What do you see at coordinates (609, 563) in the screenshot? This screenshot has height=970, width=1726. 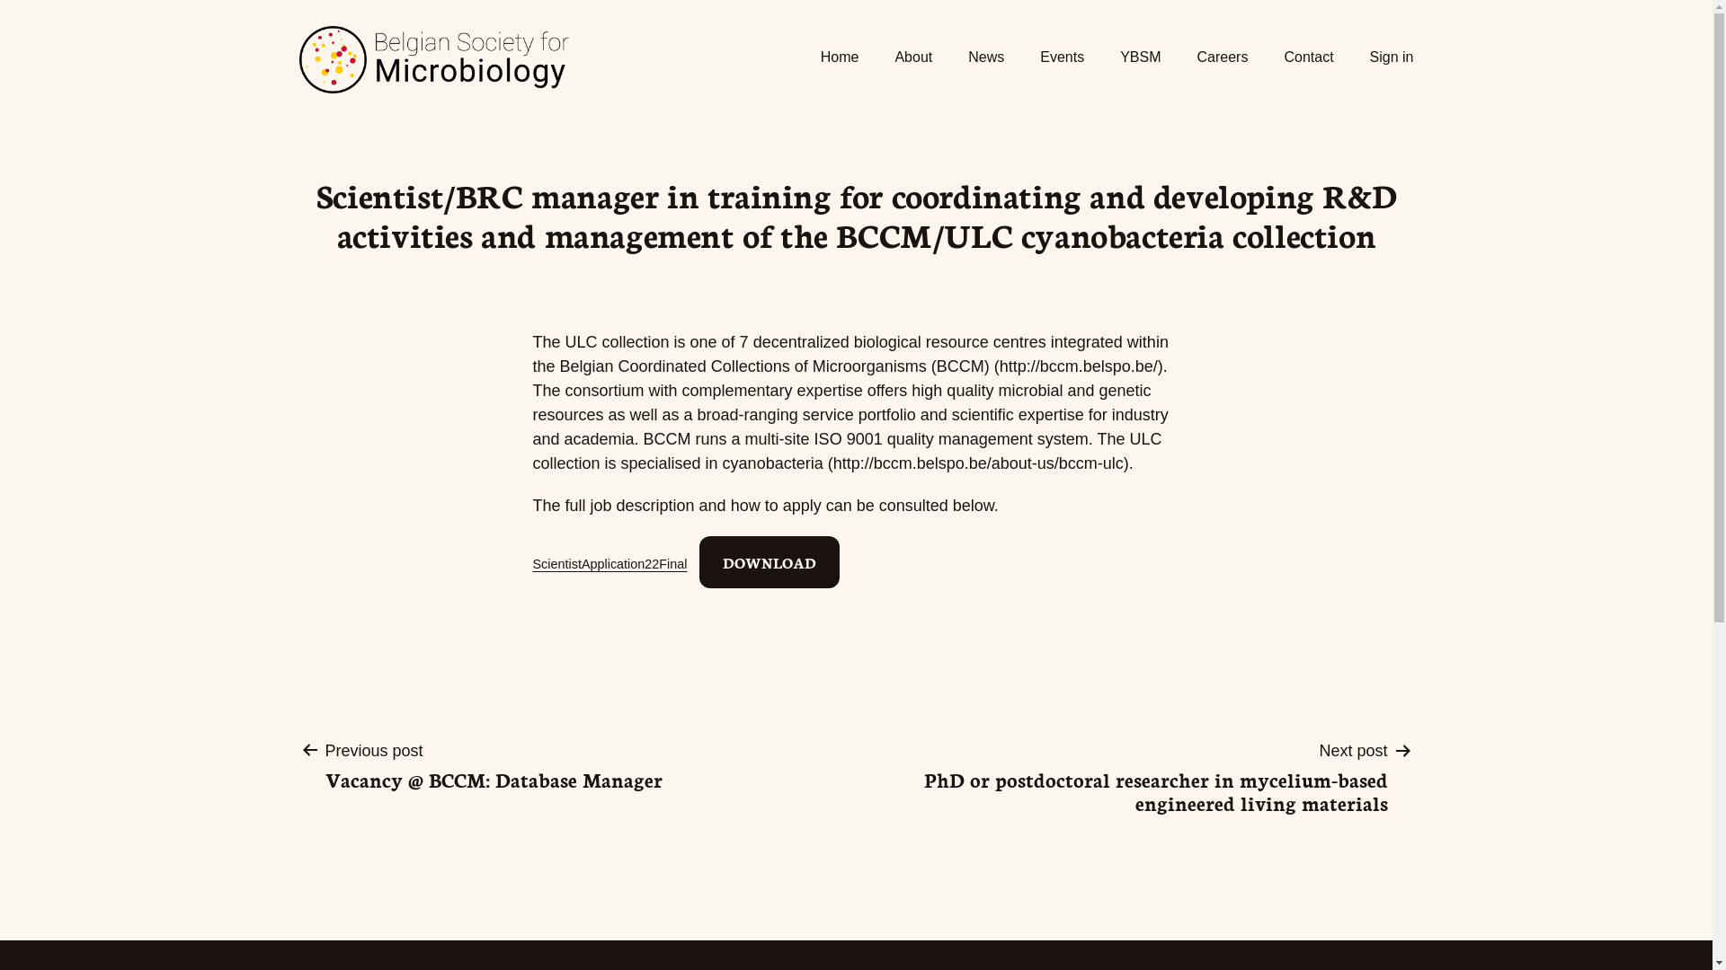 I see `'ScientistApplication22Final'` at bounding box center [609, 563].